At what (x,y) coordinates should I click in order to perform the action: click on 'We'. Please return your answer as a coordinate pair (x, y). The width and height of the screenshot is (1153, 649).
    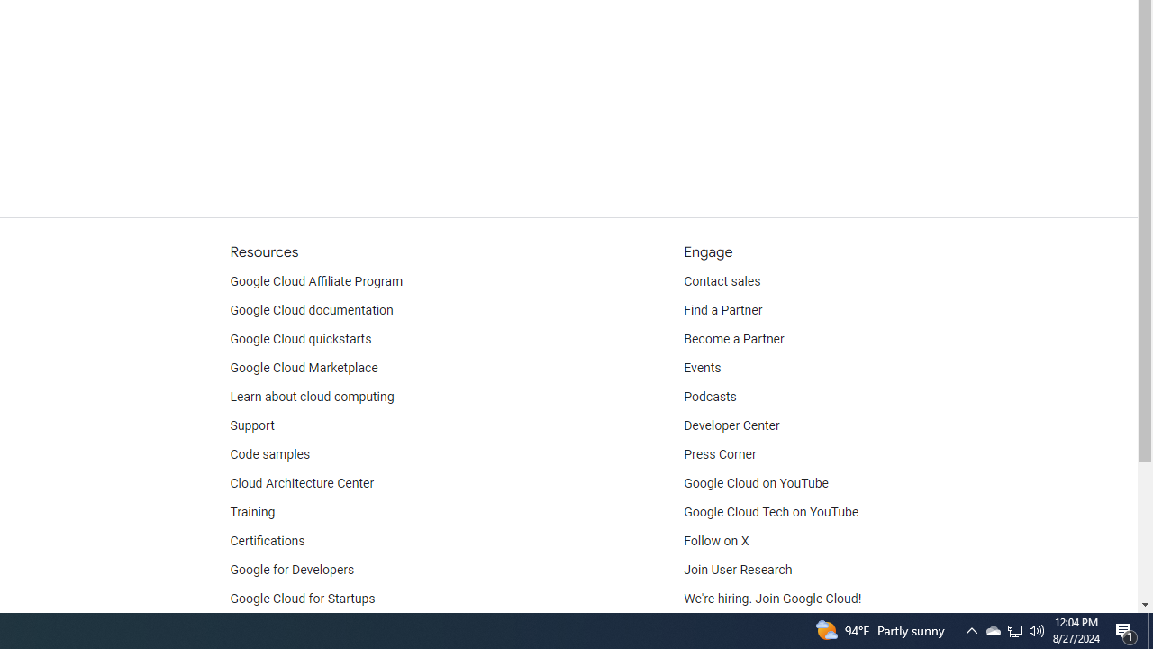
    Looking at the image, I should click on (773, 599).